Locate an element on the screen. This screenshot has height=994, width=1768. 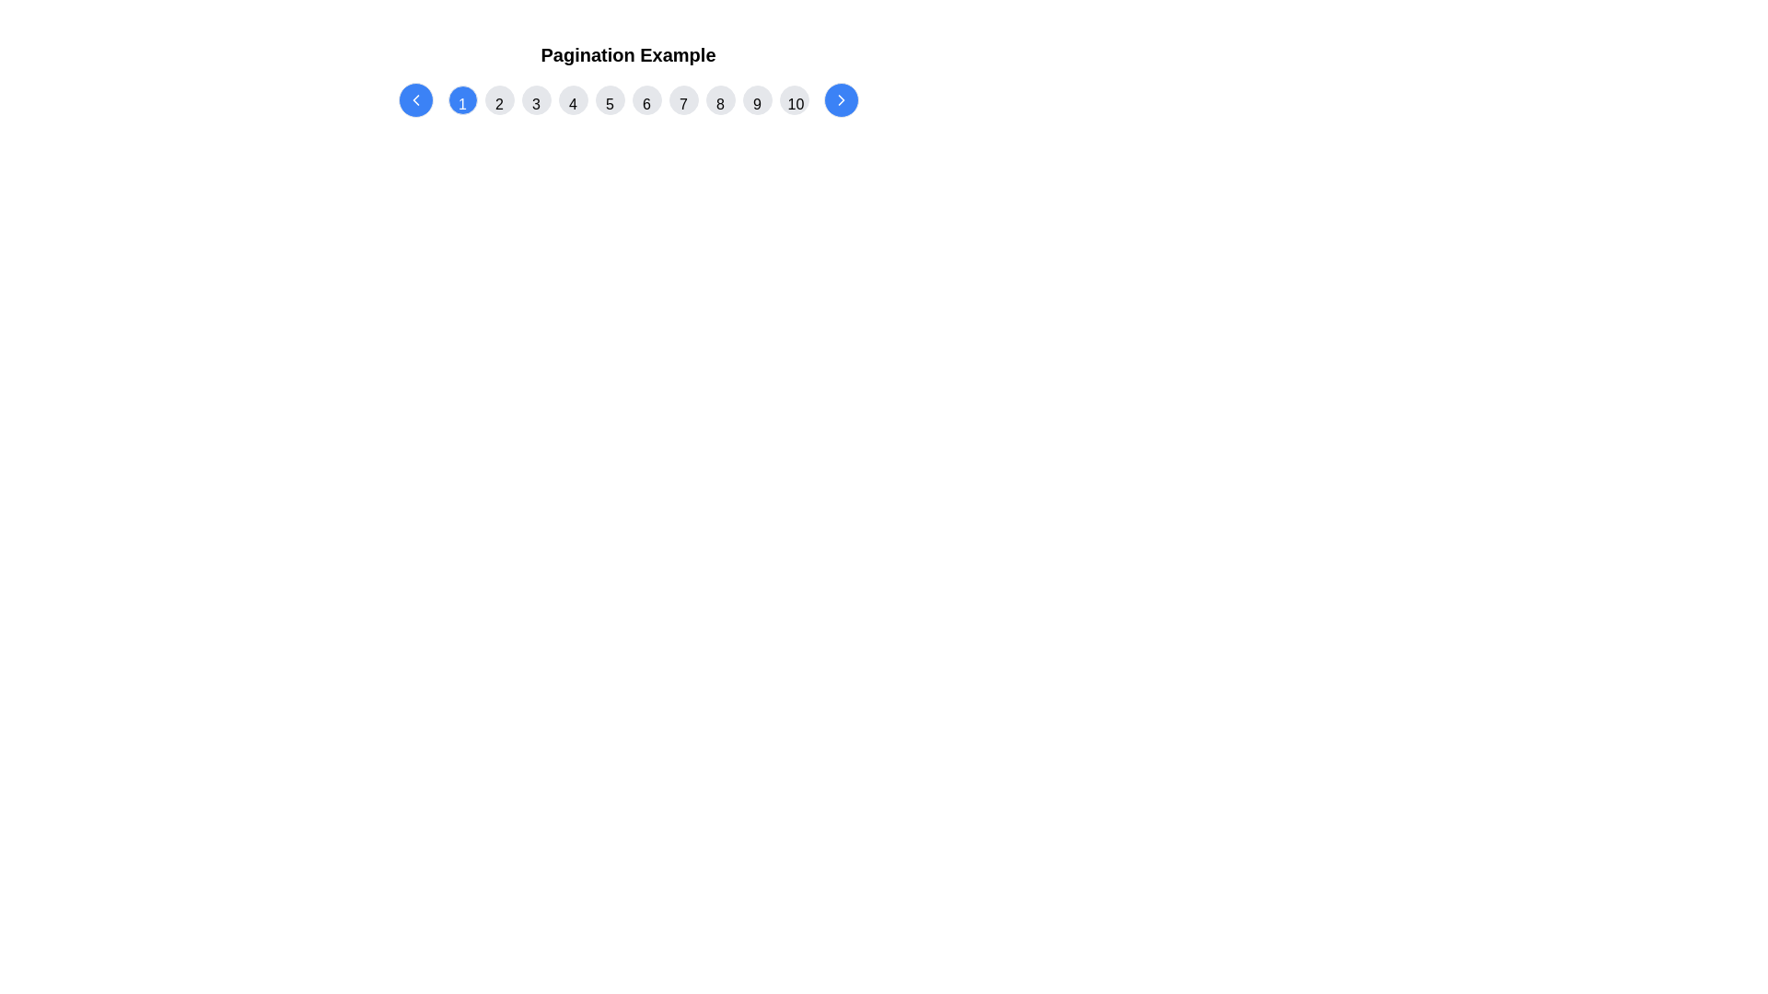
the button with the number '6' displayed in black text, which is a small, rounded button part of a horizontal sequence of buttons is located at coordinates (646, 99).